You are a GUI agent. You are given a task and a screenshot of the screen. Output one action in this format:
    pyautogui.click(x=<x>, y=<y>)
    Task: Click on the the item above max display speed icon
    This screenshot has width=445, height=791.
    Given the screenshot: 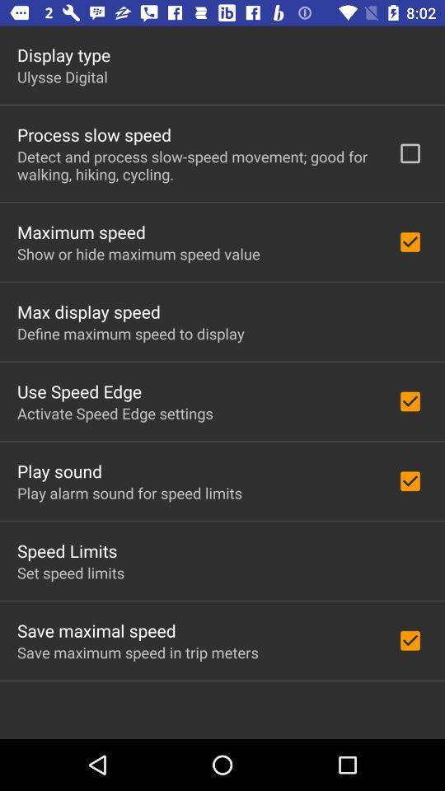 What is the action you would take?
    pyautogui.click(x=138, y=254)
    